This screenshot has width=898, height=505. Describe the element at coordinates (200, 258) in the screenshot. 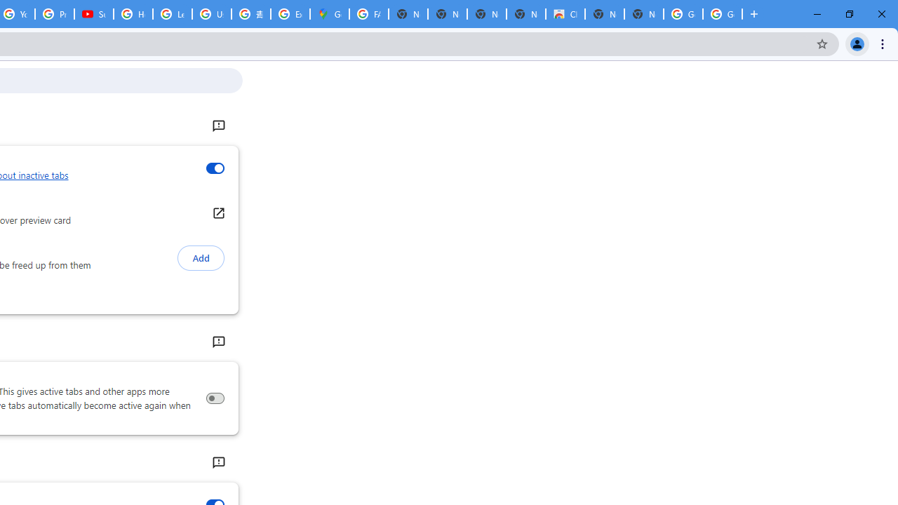

I see `'Add to the "always keep these sites active" list'` at that location.